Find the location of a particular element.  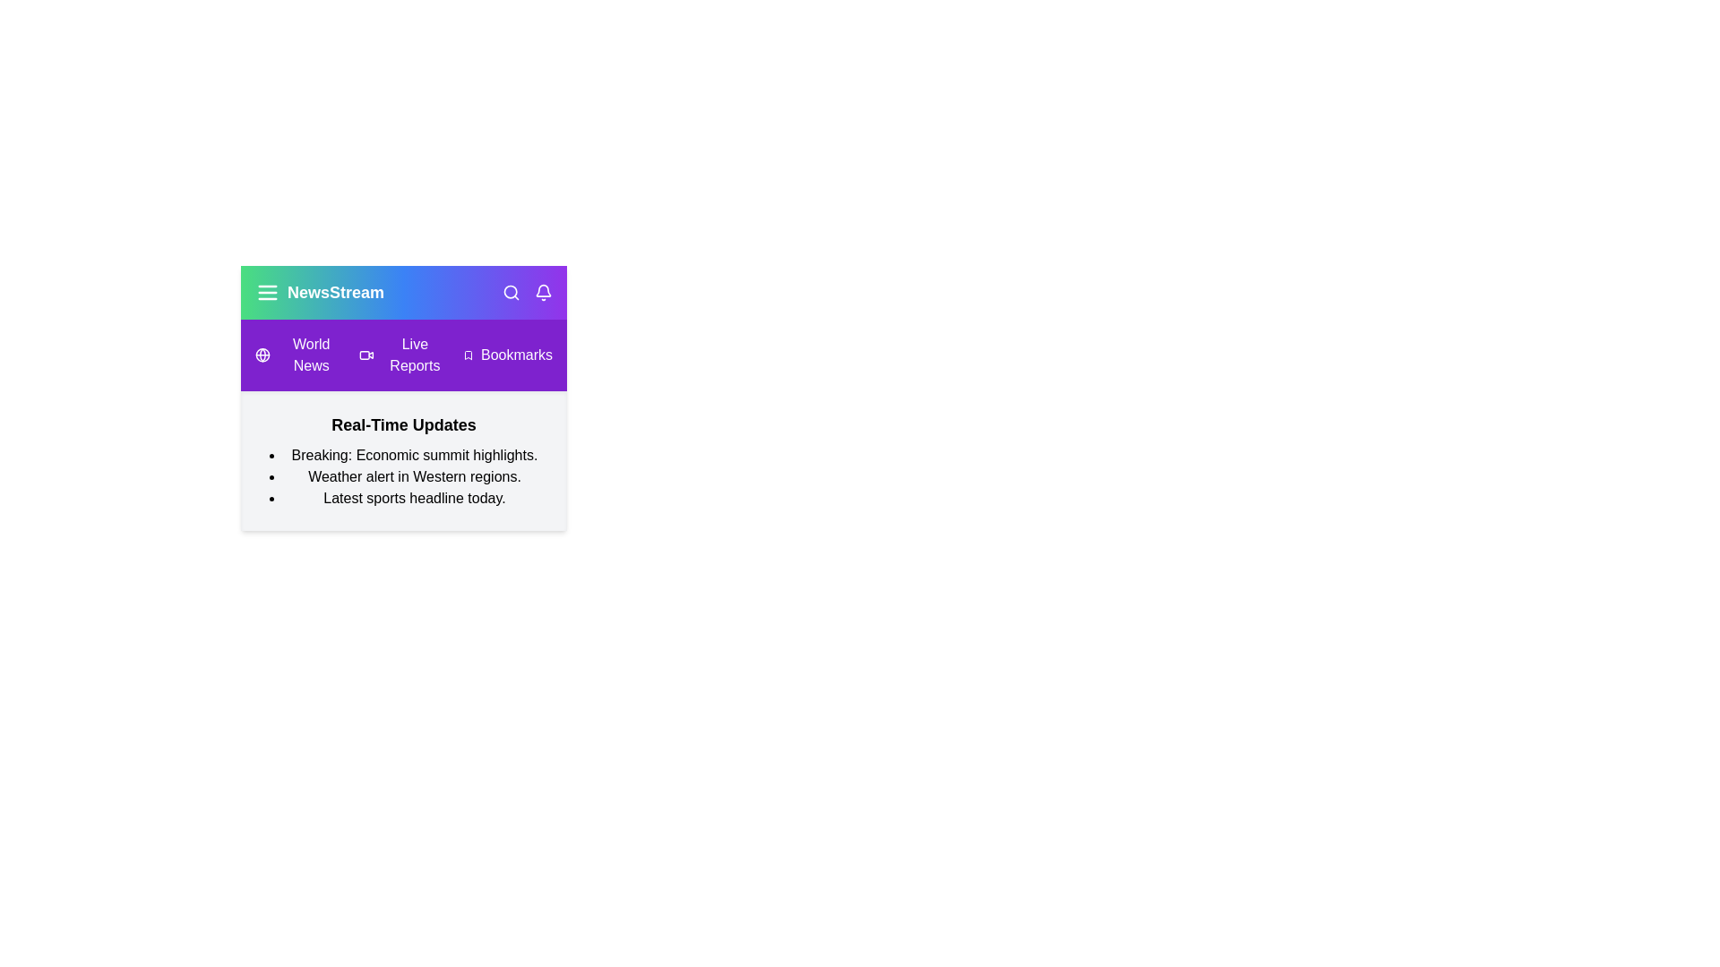

the bell icon to toggle the visibility of the notifications section is located at coordinates (542, 292).